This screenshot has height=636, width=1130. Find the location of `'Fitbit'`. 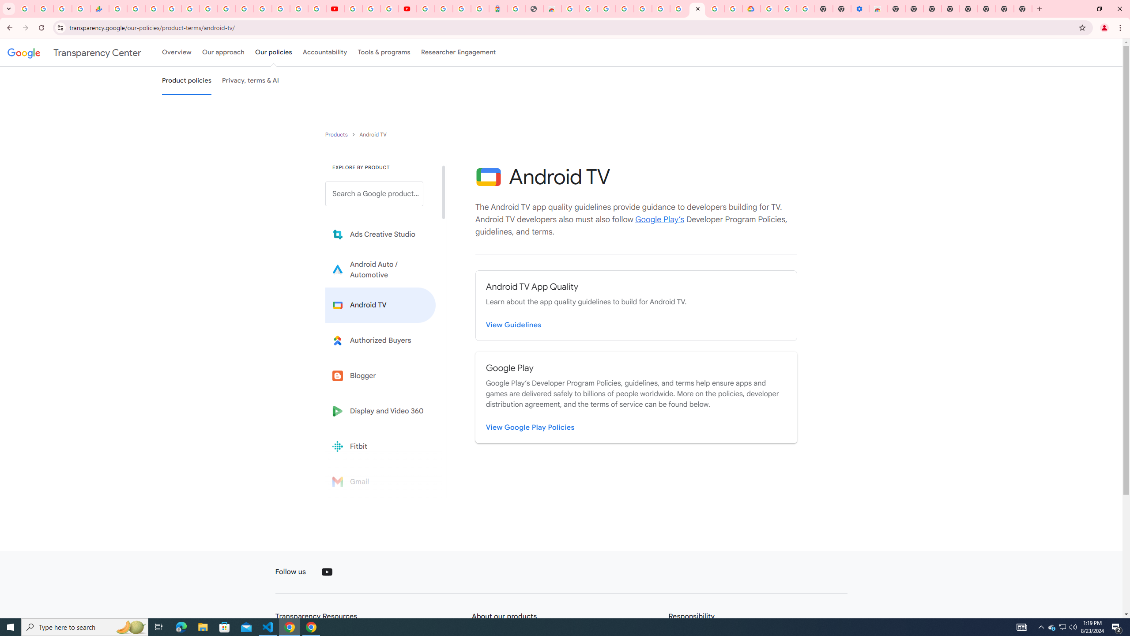

'Fitbit' is located at coordinates (380, 446).